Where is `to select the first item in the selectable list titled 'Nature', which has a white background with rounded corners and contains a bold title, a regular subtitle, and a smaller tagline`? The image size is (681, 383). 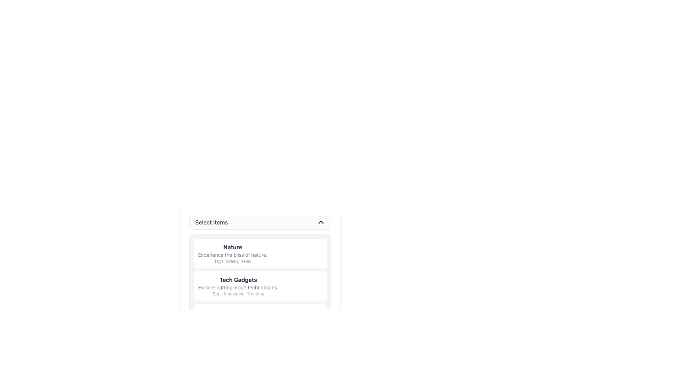 to select the first item in the selectable list titled 'Nature', which has a white background with rounded corners and contains a bold title, a regular subtitle, and a smaller tagline is located at coordinates (260, 248).